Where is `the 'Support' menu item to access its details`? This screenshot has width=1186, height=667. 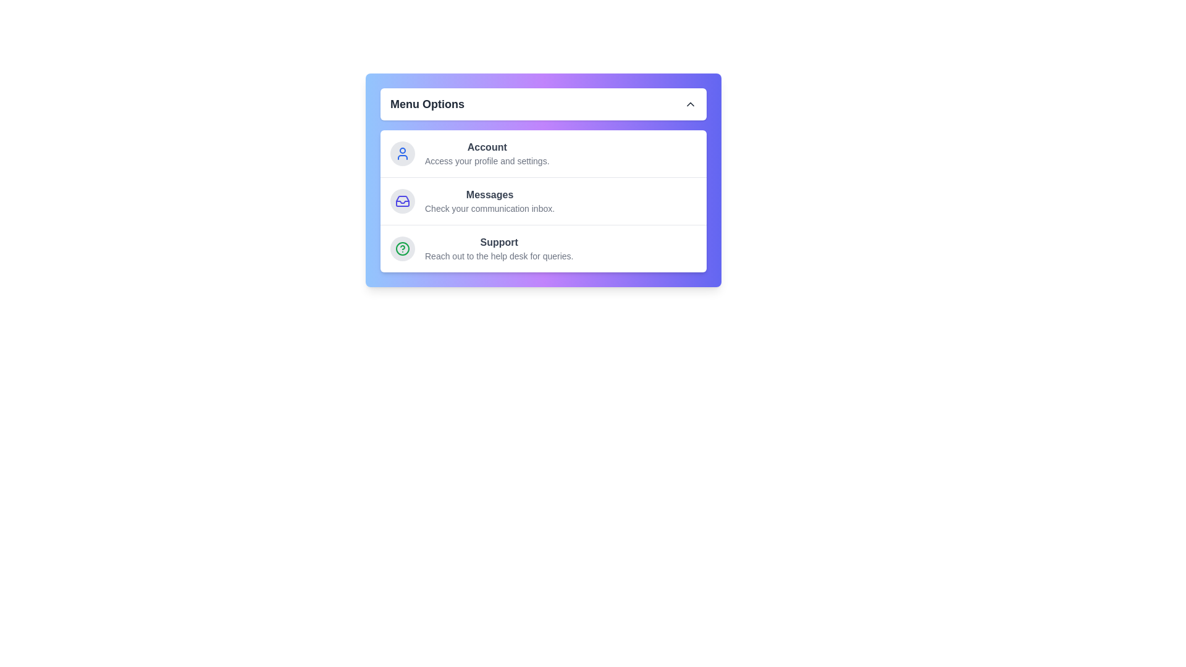
the 'Support' menu item to access its details is located at coordinates (498, 248).